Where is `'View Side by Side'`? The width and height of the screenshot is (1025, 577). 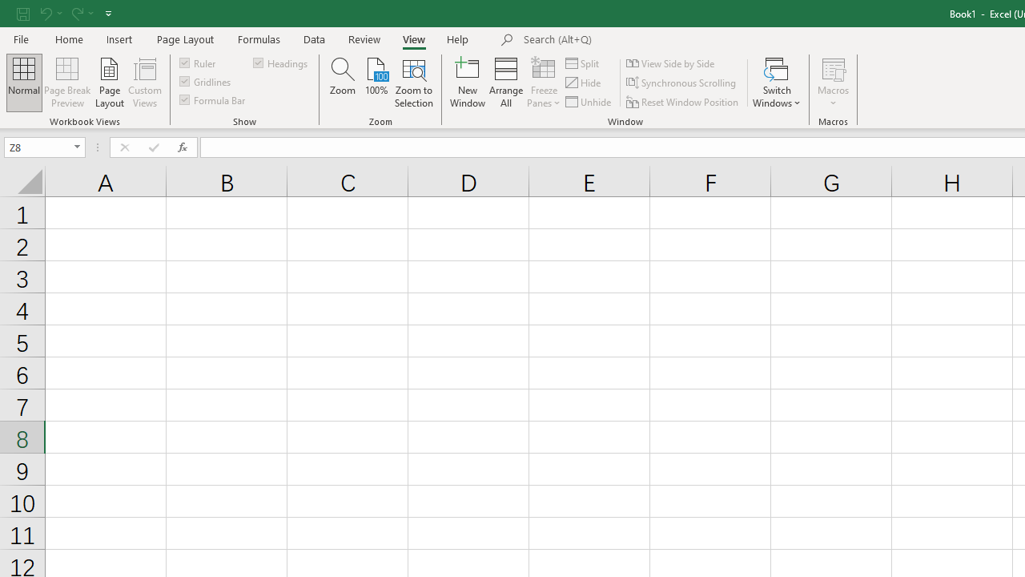 'View Side by Side' is located at coordinates (672, 63).